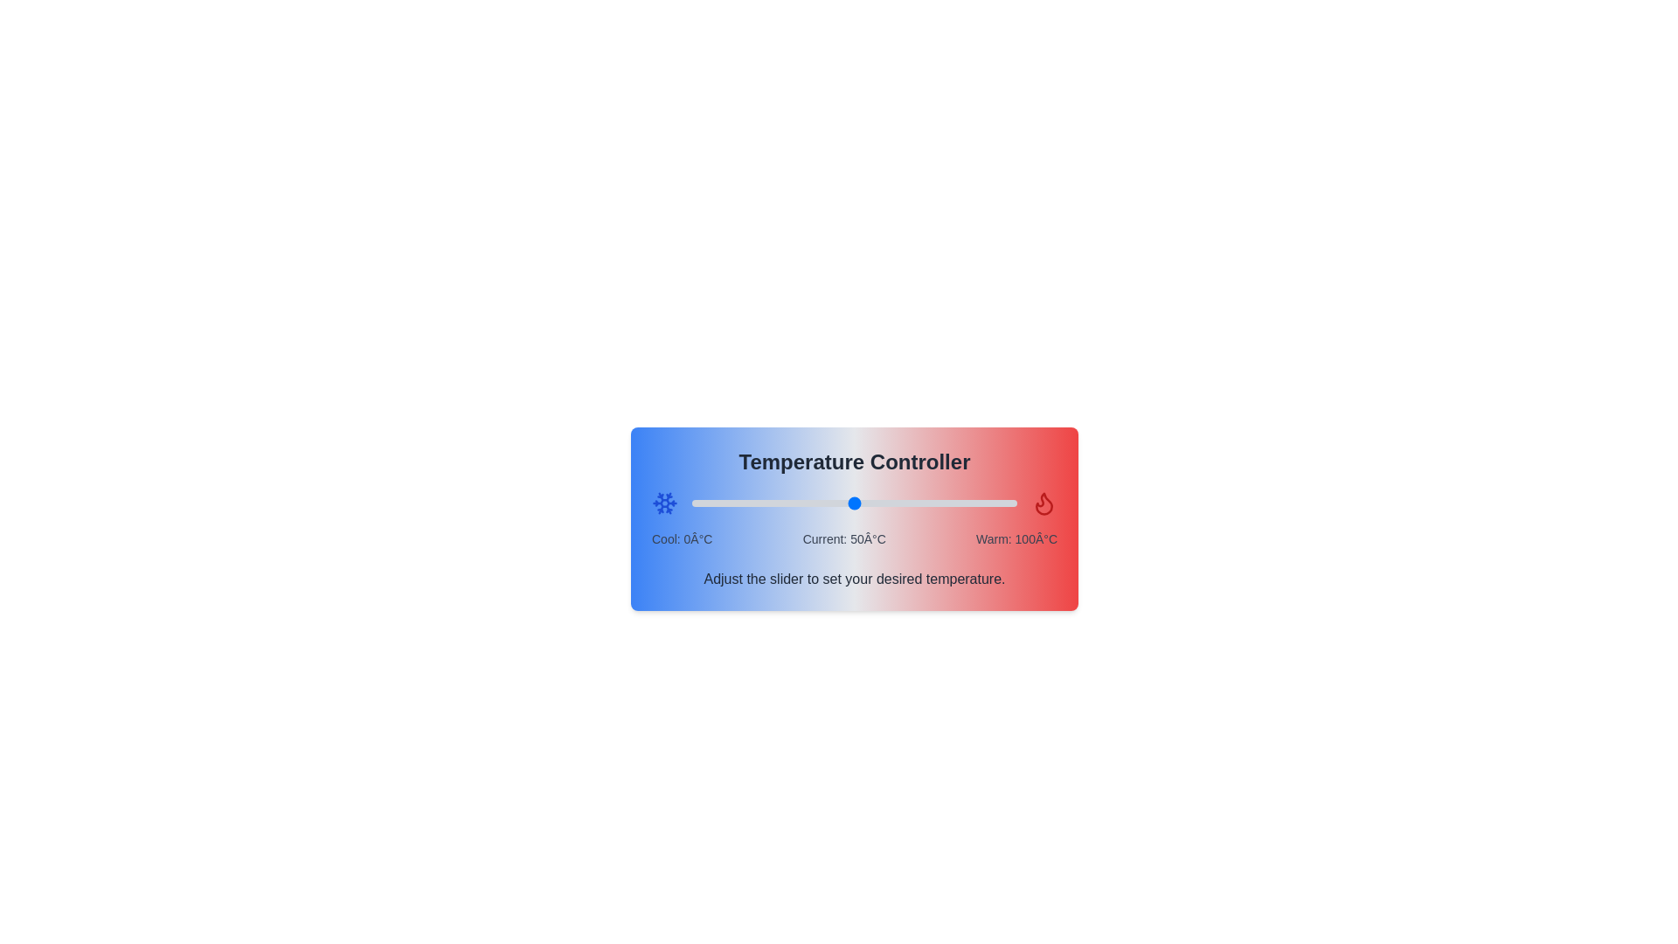 Image resolution: width=1678 pixels, height=944 pixels. What do you see at coordinates (1044, 503) in the screenshot?
I see `the flame icon to select it` at bounding box center [1044, 503].